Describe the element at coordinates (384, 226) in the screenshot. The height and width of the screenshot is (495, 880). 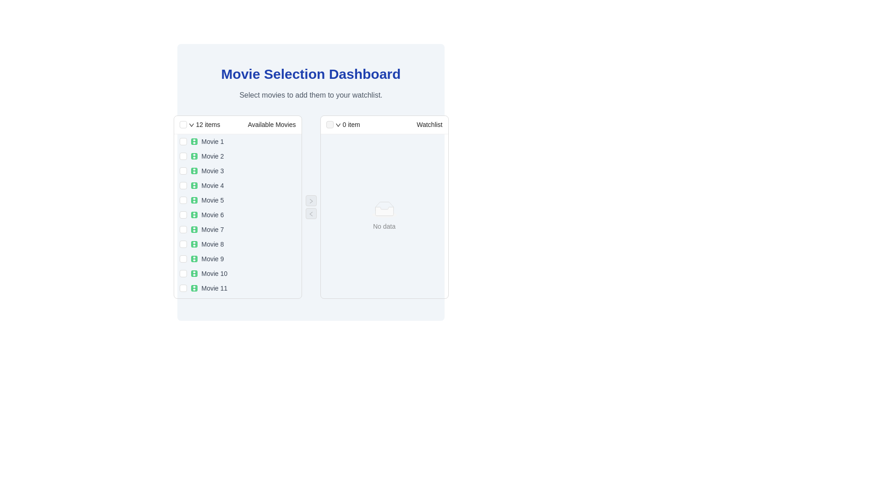
I see `the status message text label indicating no data available in the 'Watchlist' panel, located below the empty folder icon` at that location.